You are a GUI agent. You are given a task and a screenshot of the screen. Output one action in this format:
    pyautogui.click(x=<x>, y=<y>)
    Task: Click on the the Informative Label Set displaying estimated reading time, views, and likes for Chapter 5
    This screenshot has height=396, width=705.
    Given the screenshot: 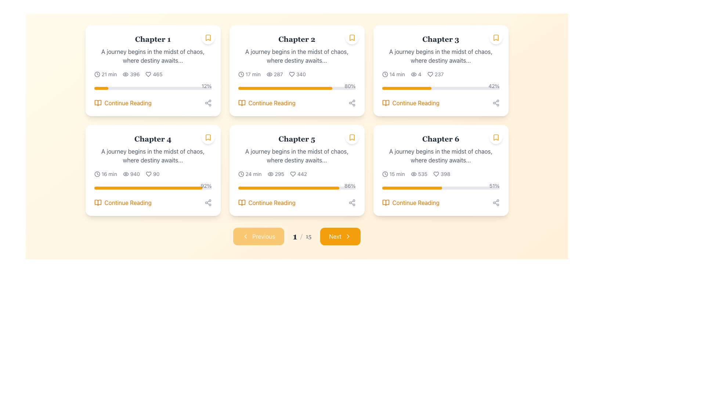 What is the action you would take?
    pyautogui.click(x=297, y=174)
    